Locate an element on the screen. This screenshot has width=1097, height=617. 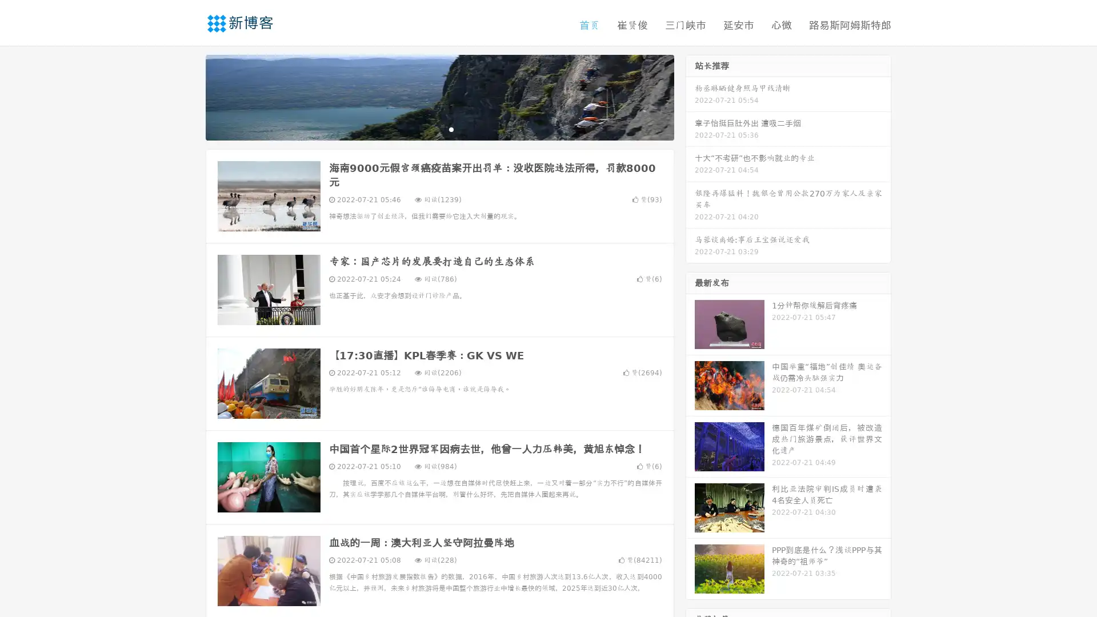
Go to slide 1 is located at coordinates (427, 129).